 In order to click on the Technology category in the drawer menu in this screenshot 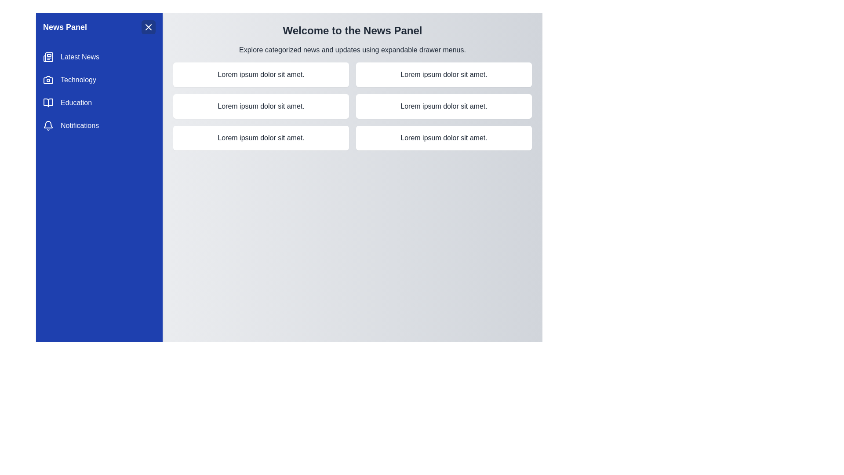, I will do `click(99, 80)`.